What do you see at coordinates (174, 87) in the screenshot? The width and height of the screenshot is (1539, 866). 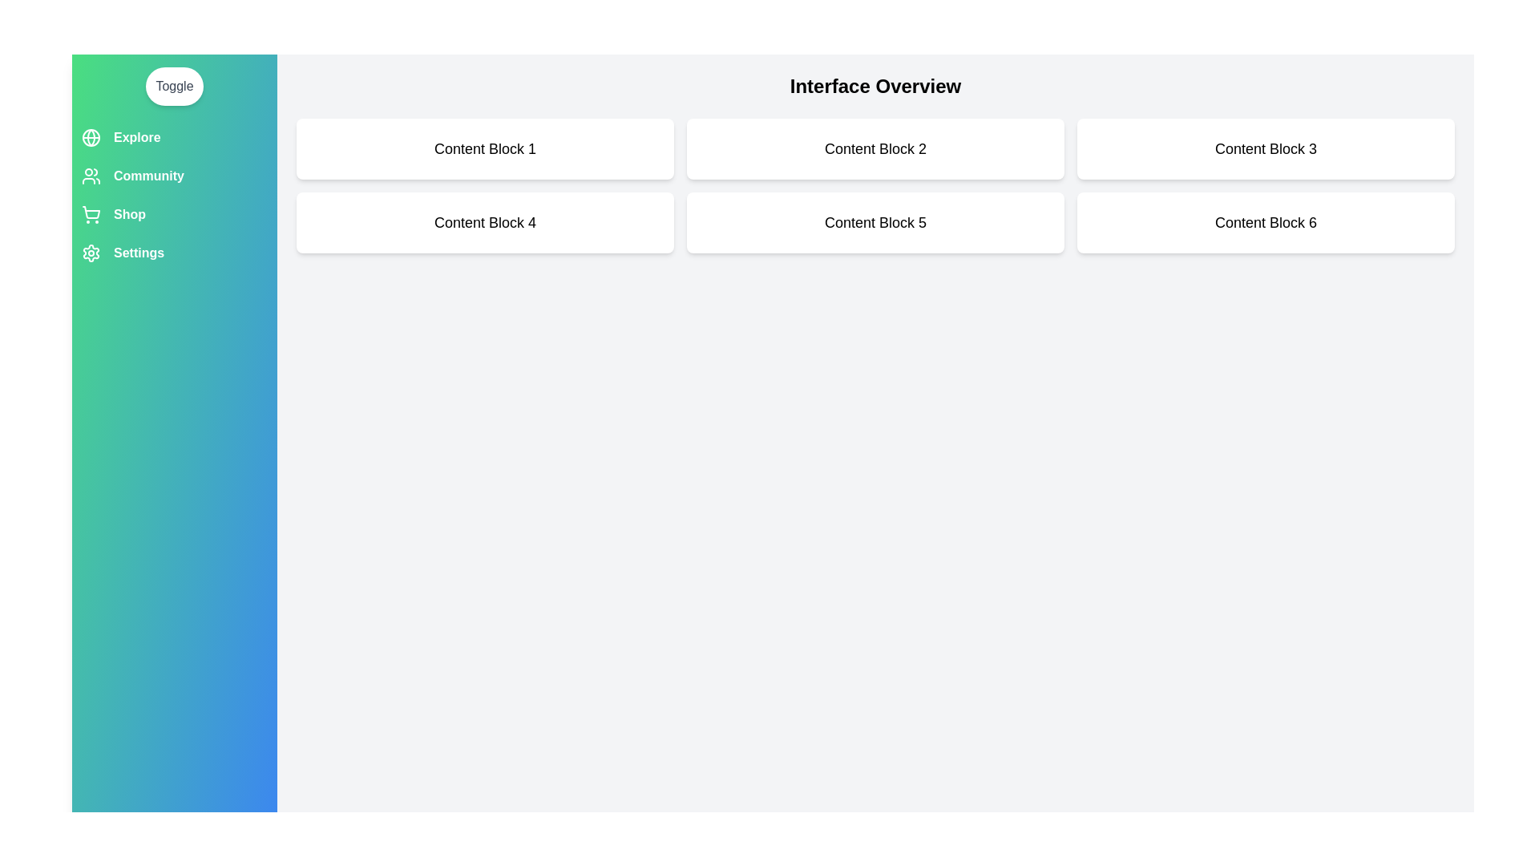 I see `the 'Toggle' button to toggle the drawer open and close state` at bounding box center [174, 87].